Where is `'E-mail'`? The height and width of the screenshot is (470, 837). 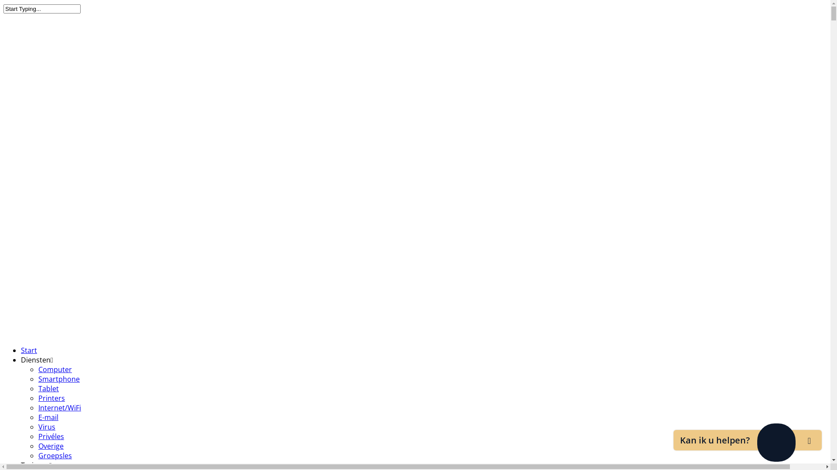 'E-mail' is located at coordinates (37, 417).